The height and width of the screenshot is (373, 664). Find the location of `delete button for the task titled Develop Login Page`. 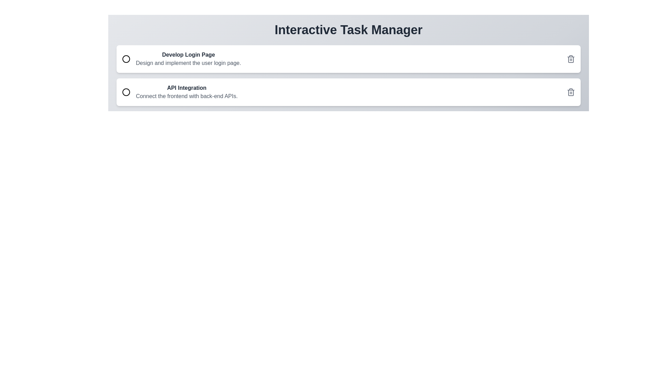

delete button for the task titled Develop Login Page is located at coordinates (571, 58).